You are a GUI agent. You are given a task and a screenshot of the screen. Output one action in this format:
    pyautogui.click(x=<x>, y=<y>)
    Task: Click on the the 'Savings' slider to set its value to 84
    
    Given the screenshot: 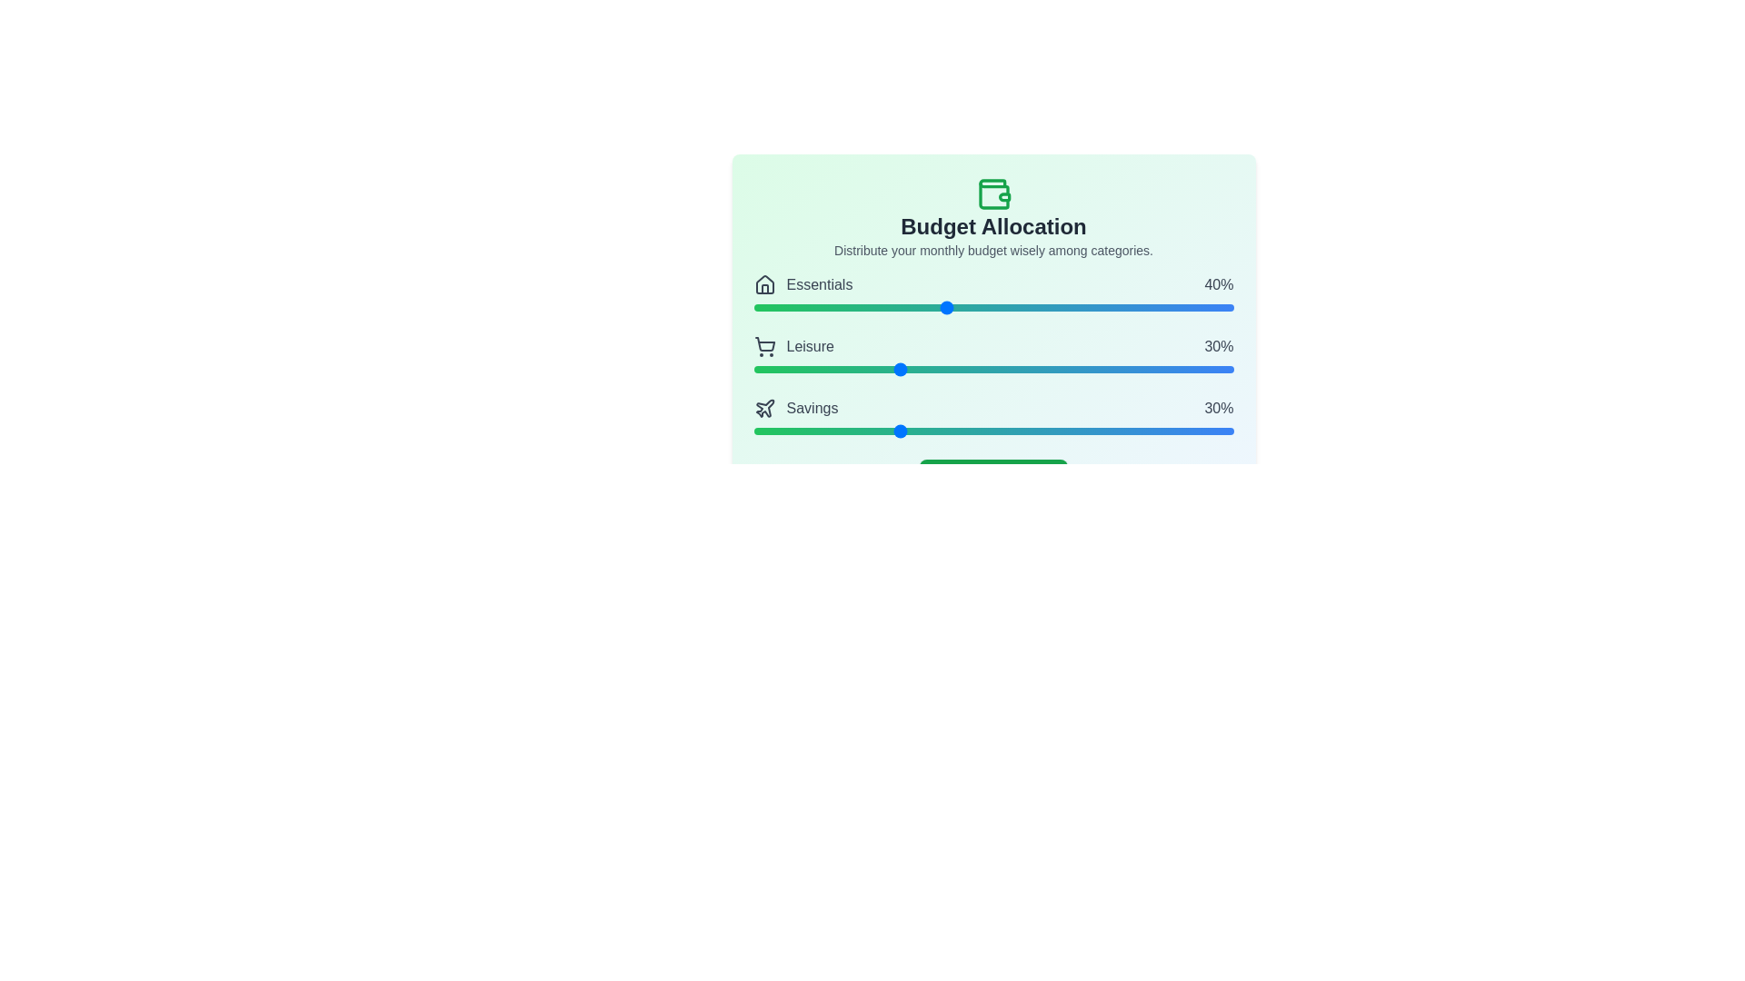 What is the action you would take?
    pyautogui.click(x=1155, y=431)
    